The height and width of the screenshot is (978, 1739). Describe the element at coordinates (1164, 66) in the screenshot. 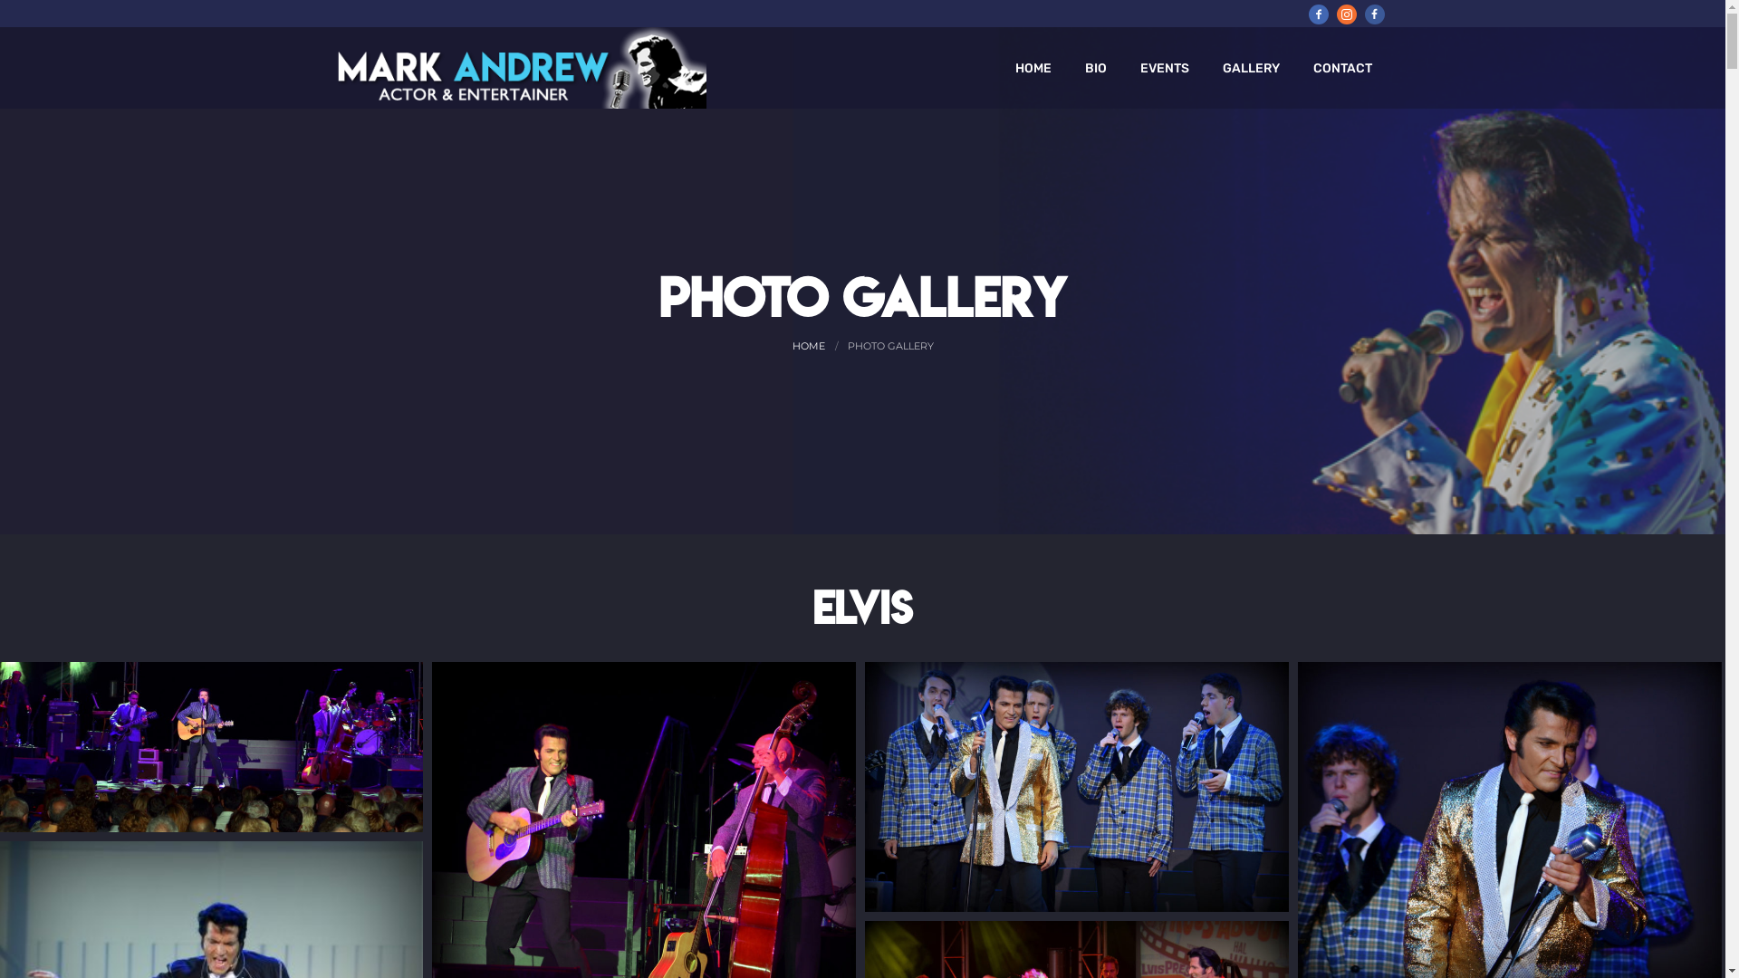

I see `'EVENTS'` at that location.